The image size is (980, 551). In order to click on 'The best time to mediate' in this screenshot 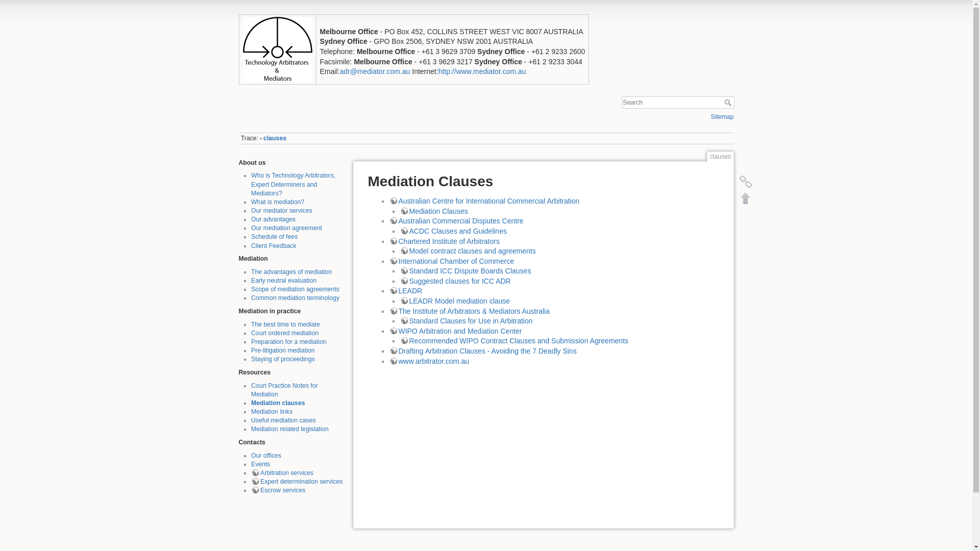, I will do `click(285, 324)`.